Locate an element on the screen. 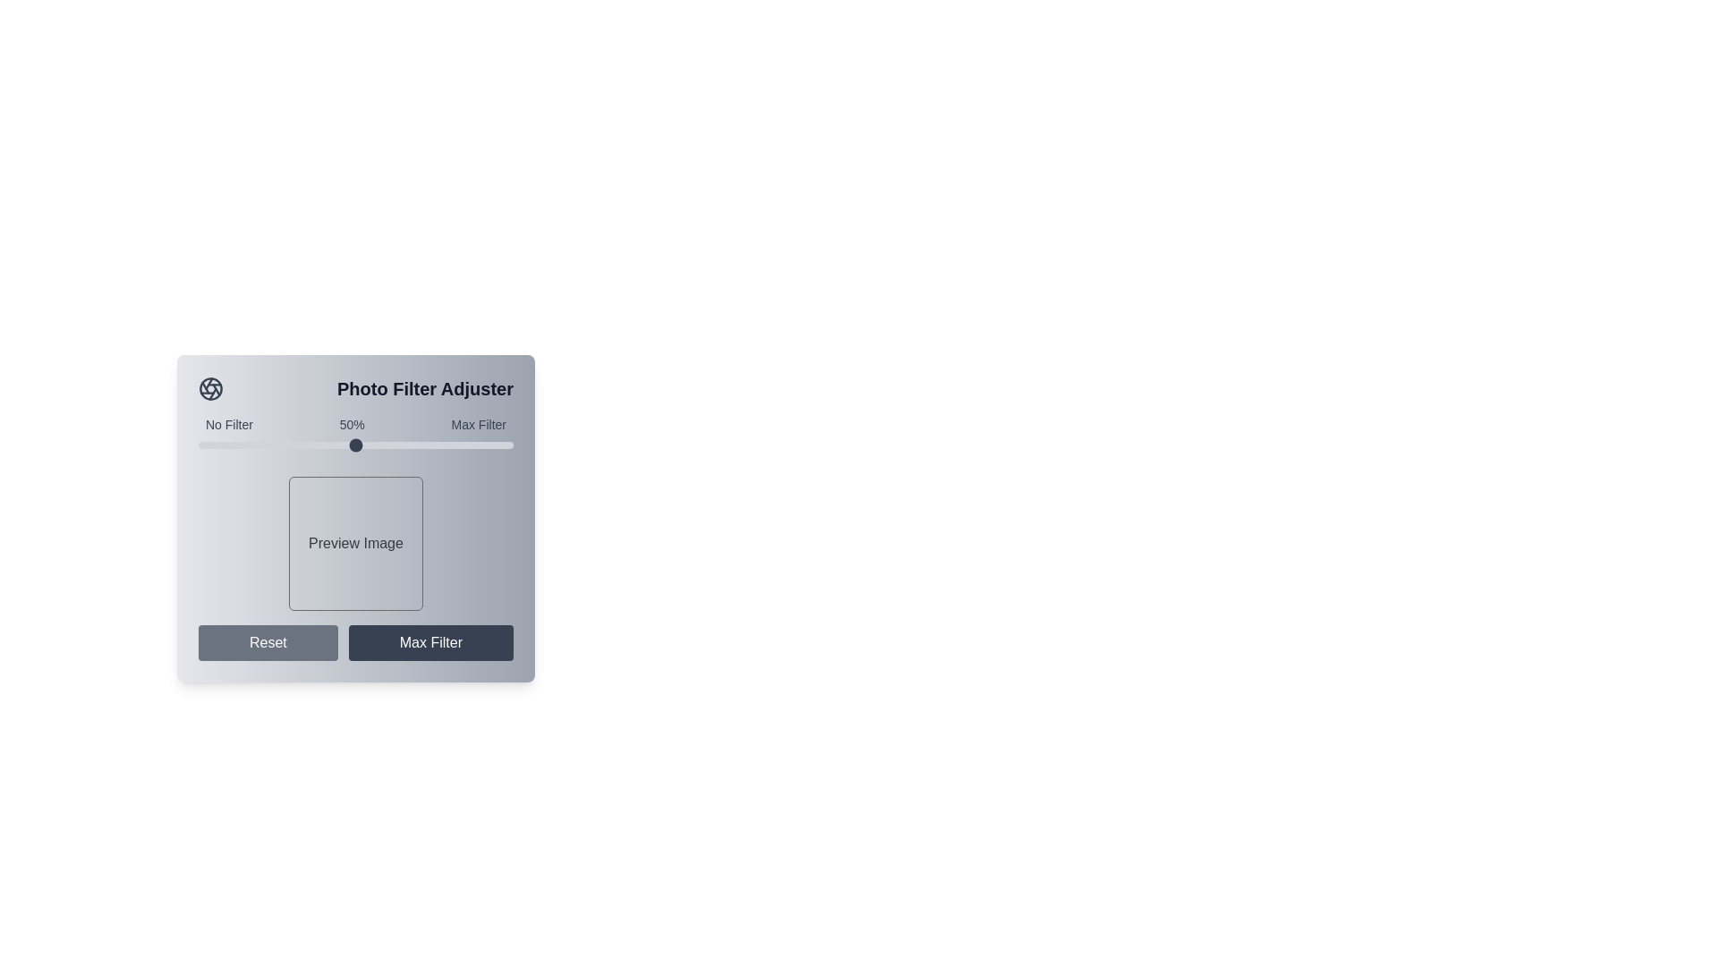 Image resolution: width=1718 pixels, height=966 pixels. the static text label that indicates the minimum intensity for the filter adjustment, located to the left of the '50%' label and above the slider bar is located at coordinates (228, 424).